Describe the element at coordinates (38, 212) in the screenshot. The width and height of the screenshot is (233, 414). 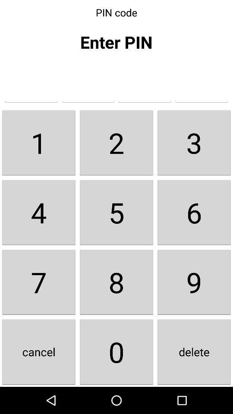
I see `icon below 1 icon` at that location.